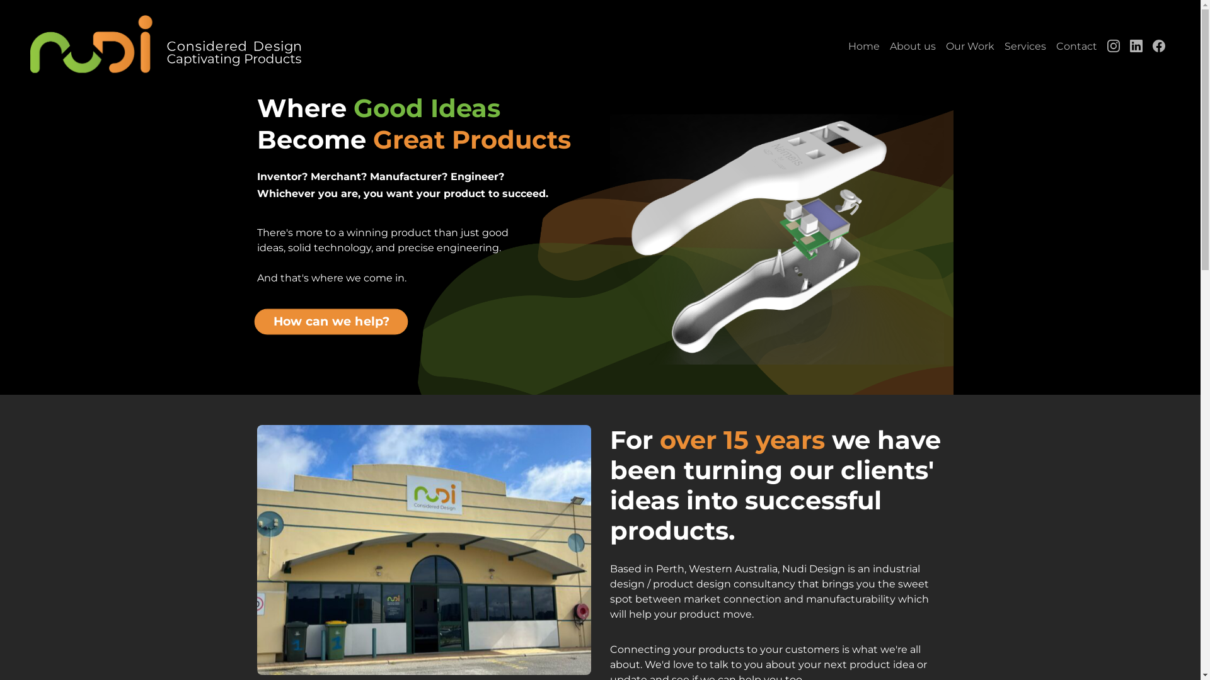 The width and height of the screenshot is (1210, 680). I want to click on 'Our Work', so click(940, 45).